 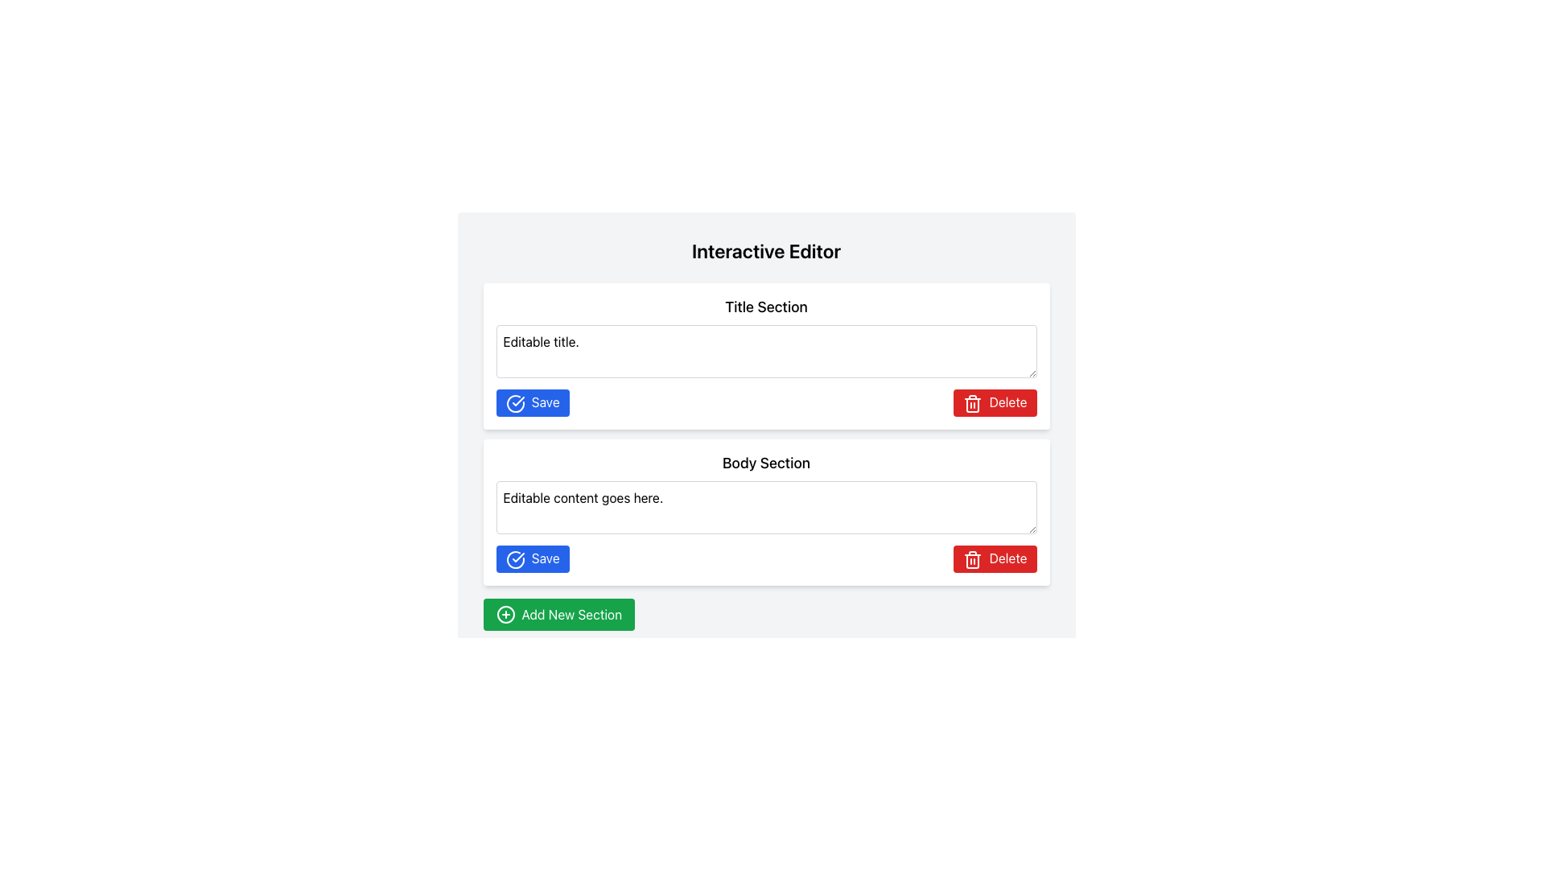 What do you see at coordinates (533, 558) in the screenshot?
I see `the 'Save' button located in the lower part of the interface, to the left of the red 'Delete' button, to confirm and save the changes made in the corresponding section` at bounding box center [533, 558].